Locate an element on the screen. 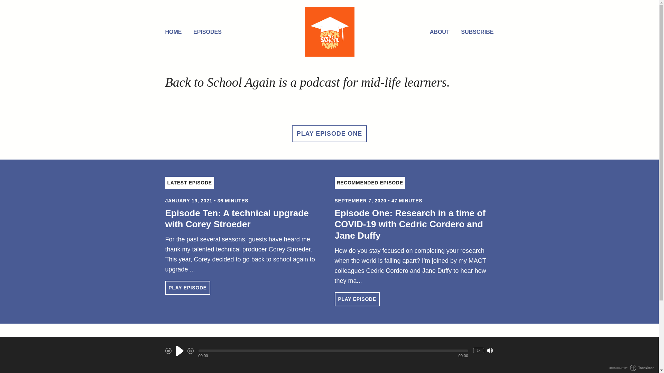  'EPISODES' is located at coordinates (207, 32).